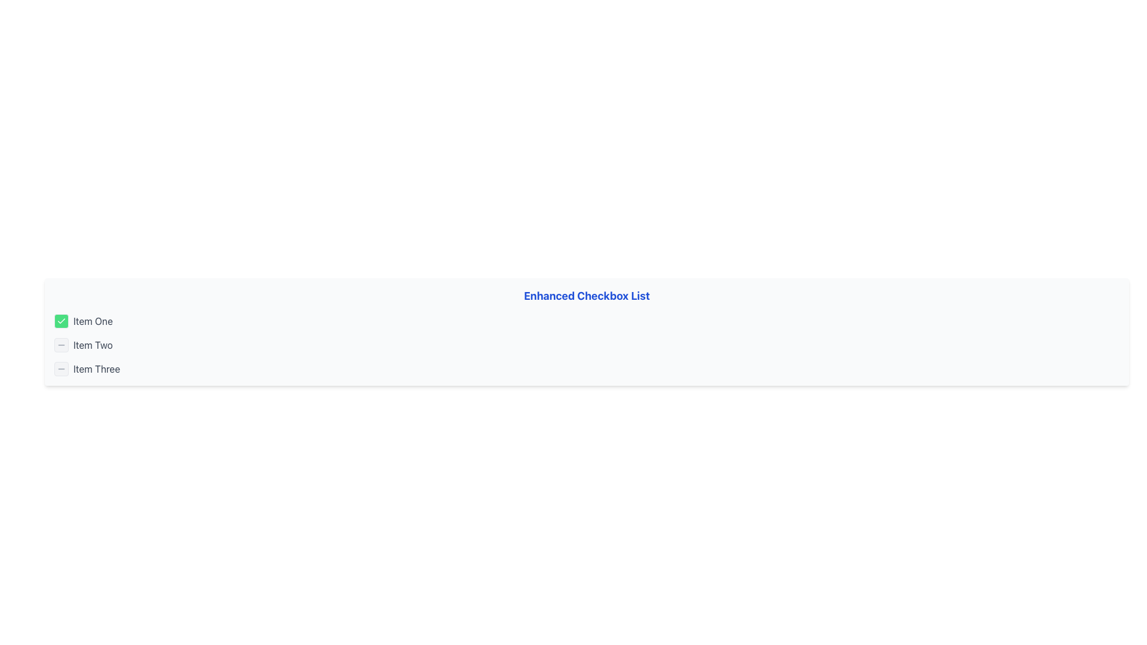  What do you see at coordinates (60, 345) in the screenshot?
I see `the Icon Button associated with 'Item Two'` at bounding box center [60, 345].